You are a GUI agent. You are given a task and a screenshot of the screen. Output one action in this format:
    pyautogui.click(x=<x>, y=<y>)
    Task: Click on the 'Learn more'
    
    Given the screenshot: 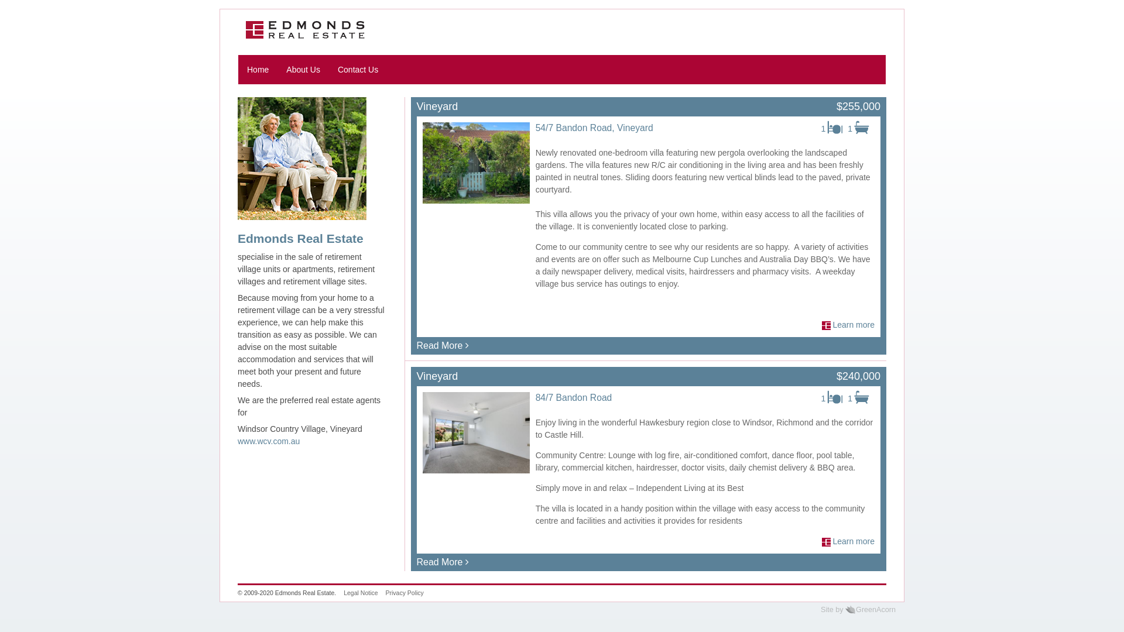 What is the action you would take?
    pyautogui.click(x=854, y=541)
    